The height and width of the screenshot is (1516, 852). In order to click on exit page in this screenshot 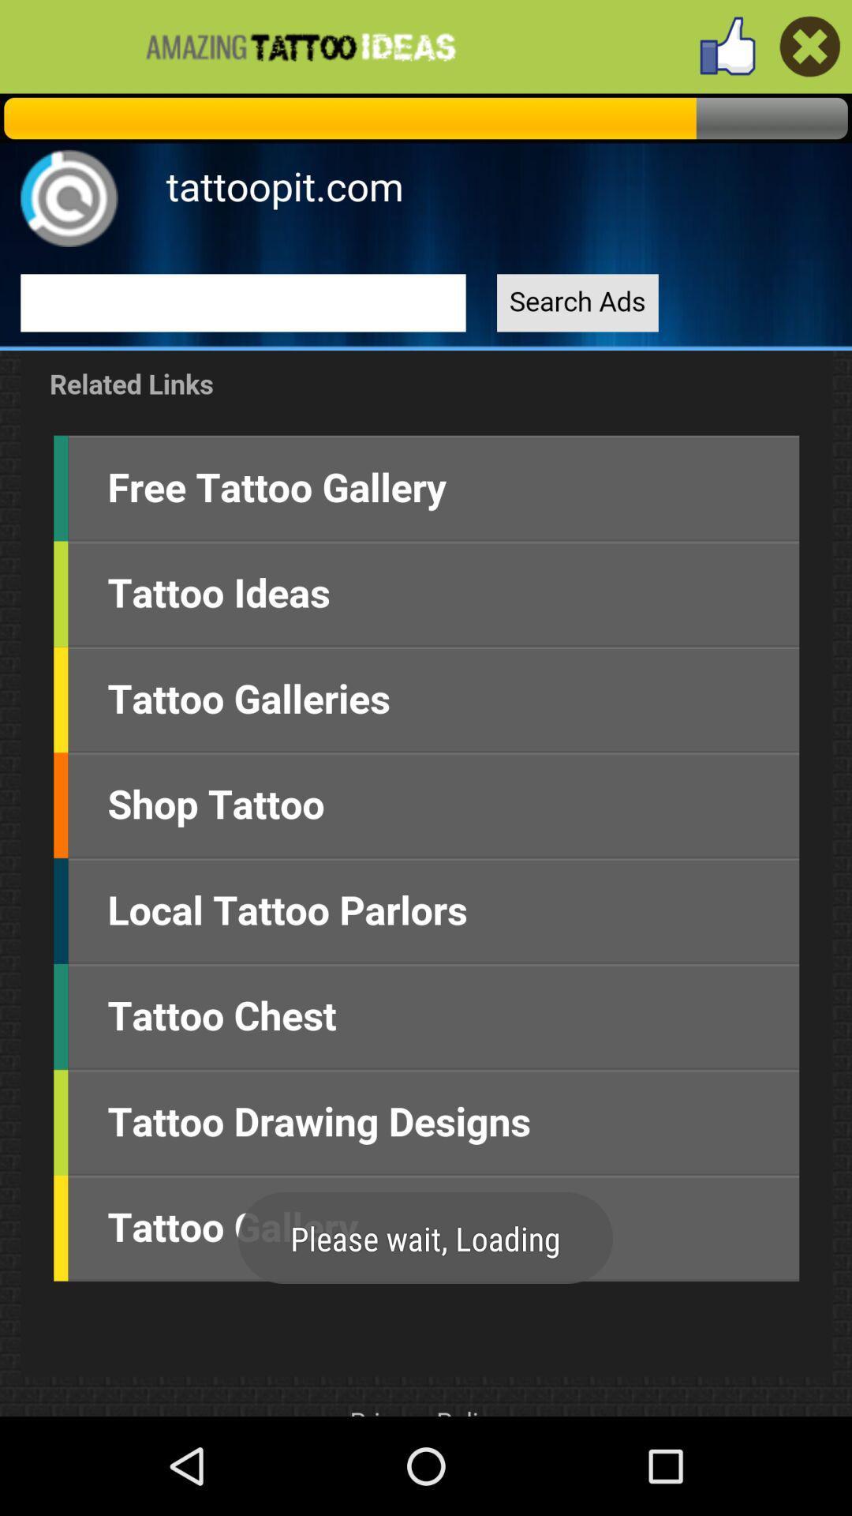, I will do `click(810, 46)`.